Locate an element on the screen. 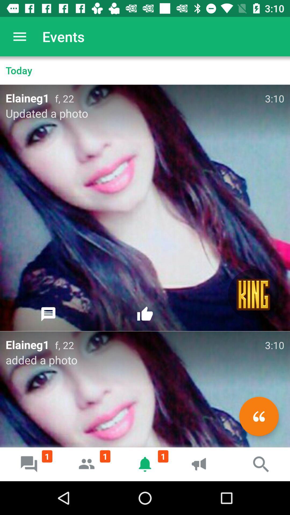  item above today item is located at coordinates (19, 36).